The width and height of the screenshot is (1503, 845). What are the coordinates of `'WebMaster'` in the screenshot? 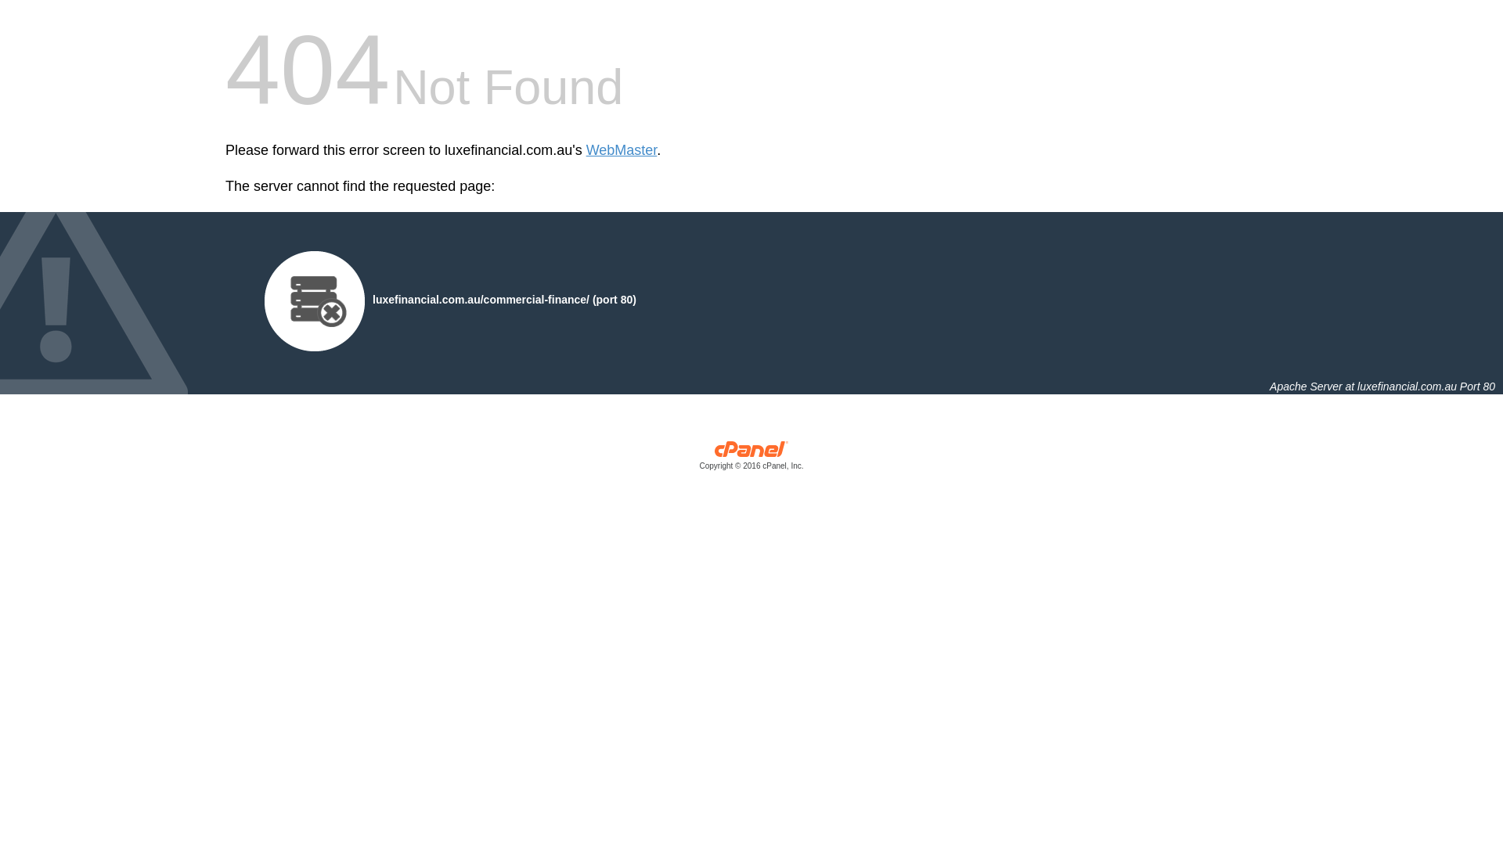 It's located at (621, 150).